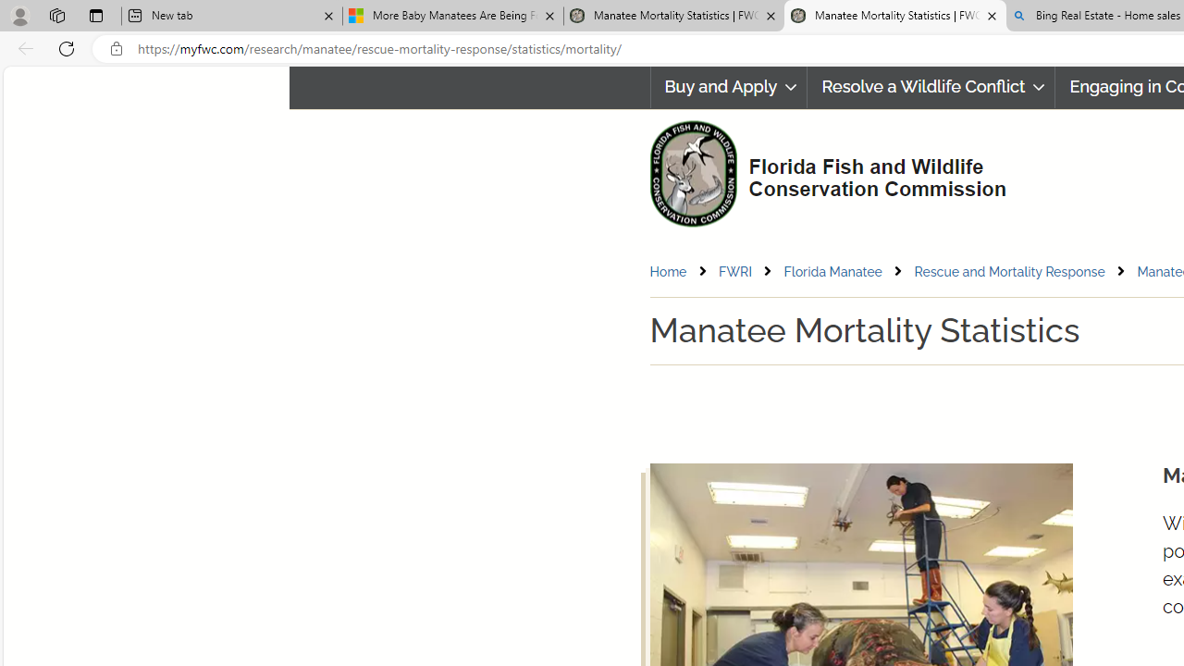 Image resolution: width=1184 pixels, height=666 pixels. Describe the element at coordinates (692, 173) in the screenshot. I see `'FWC Logo'` at that location.